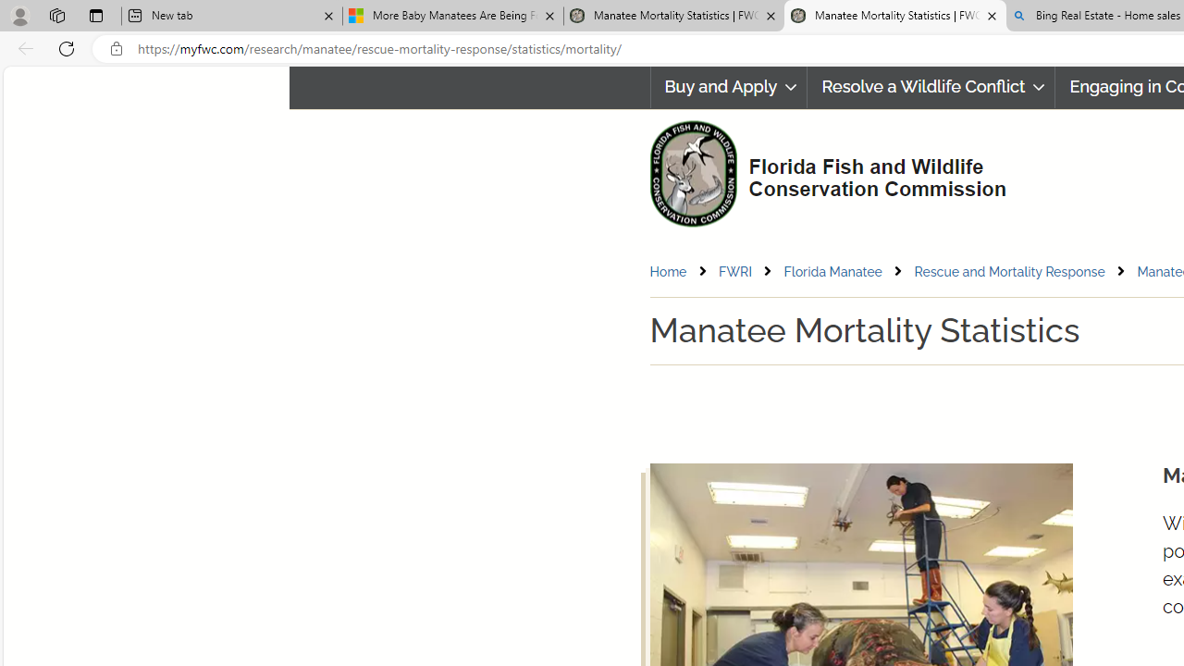 Image resolution: width=1184 pixels, height=666 pixels. Describe the element at coordinates (692, 173) in the screenshot. I see `'FWC Logo'` at that location.